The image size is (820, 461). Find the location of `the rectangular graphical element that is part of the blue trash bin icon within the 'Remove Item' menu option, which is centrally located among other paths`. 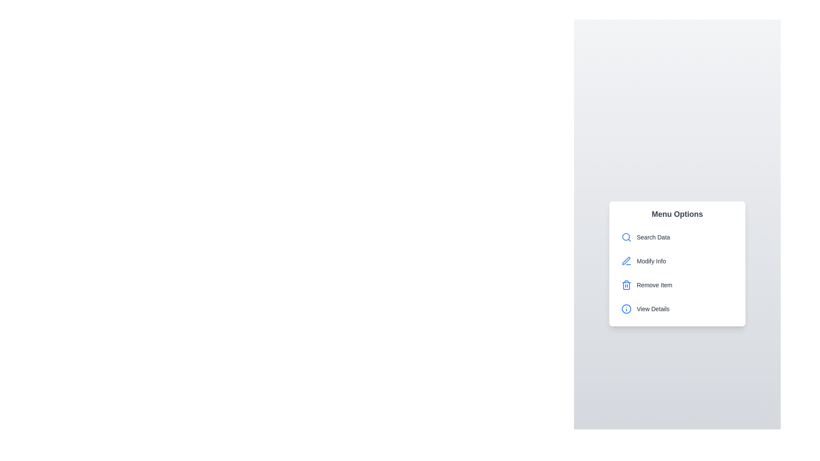

the rectangular graphical element that is part of the blue trash bin icon within the 'Remove Item' menu option, which is centrally located among other paths is located at coordinates (627, 286).